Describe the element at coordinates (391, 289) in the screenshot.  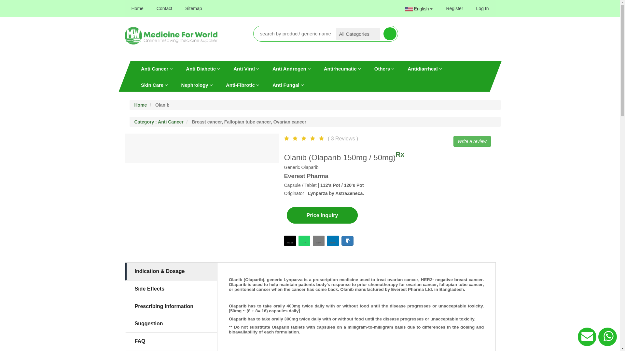
I see `'Everest Pharma Ltd. in'` at that location.